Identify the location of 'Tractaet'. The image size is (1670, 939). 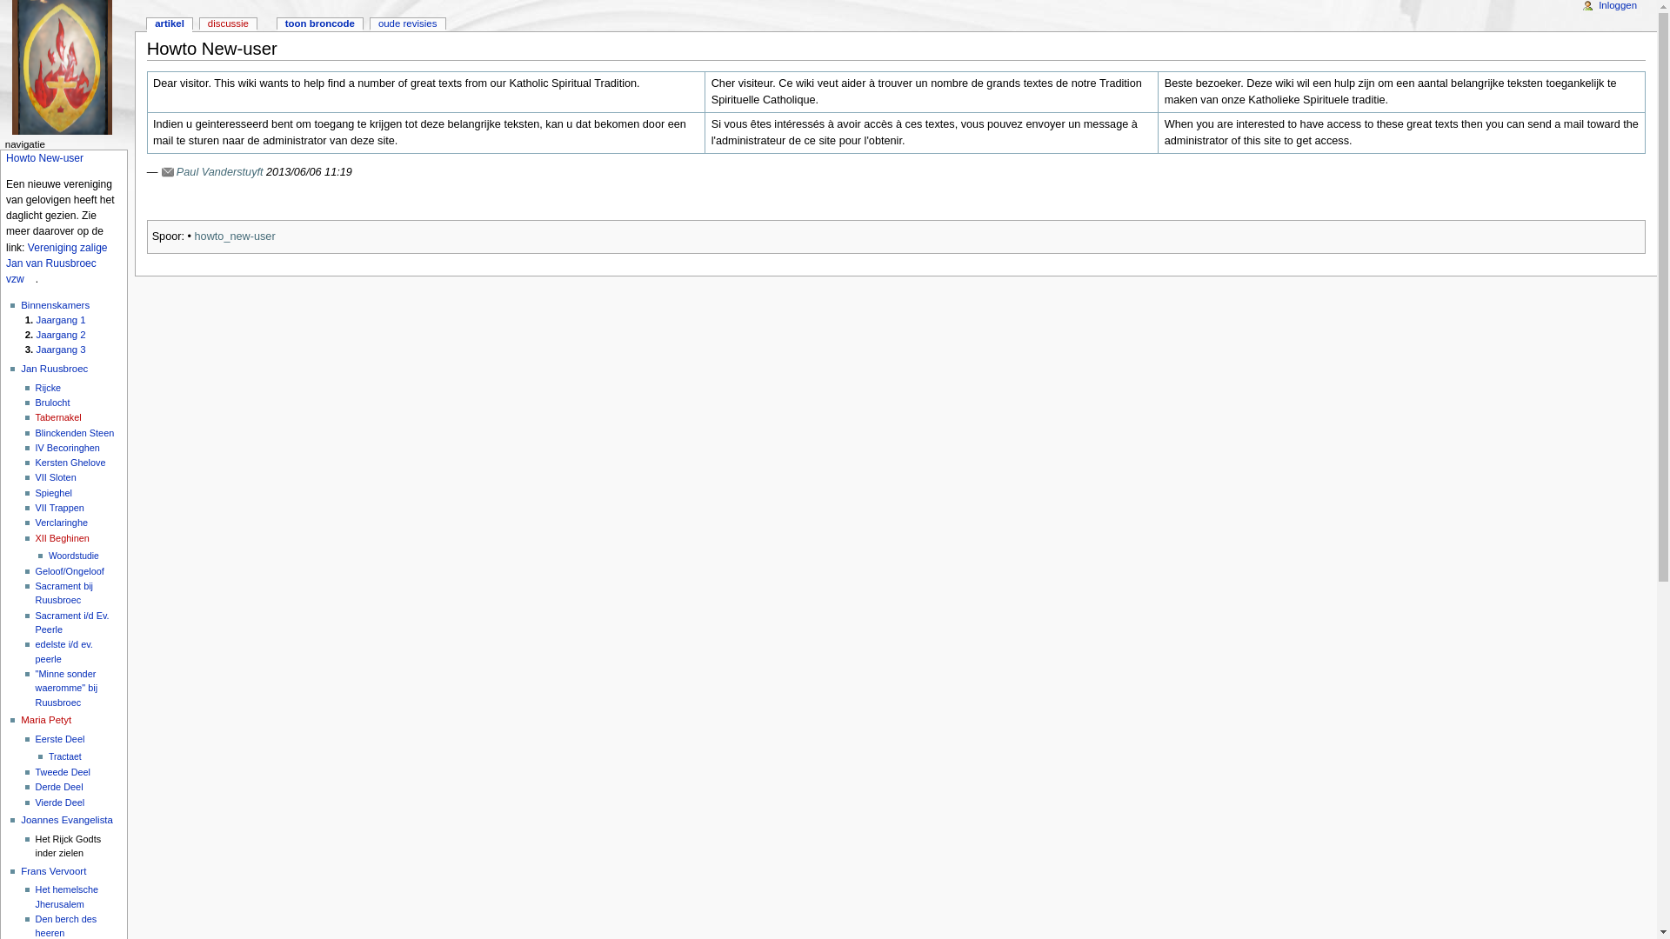
(65, 756).